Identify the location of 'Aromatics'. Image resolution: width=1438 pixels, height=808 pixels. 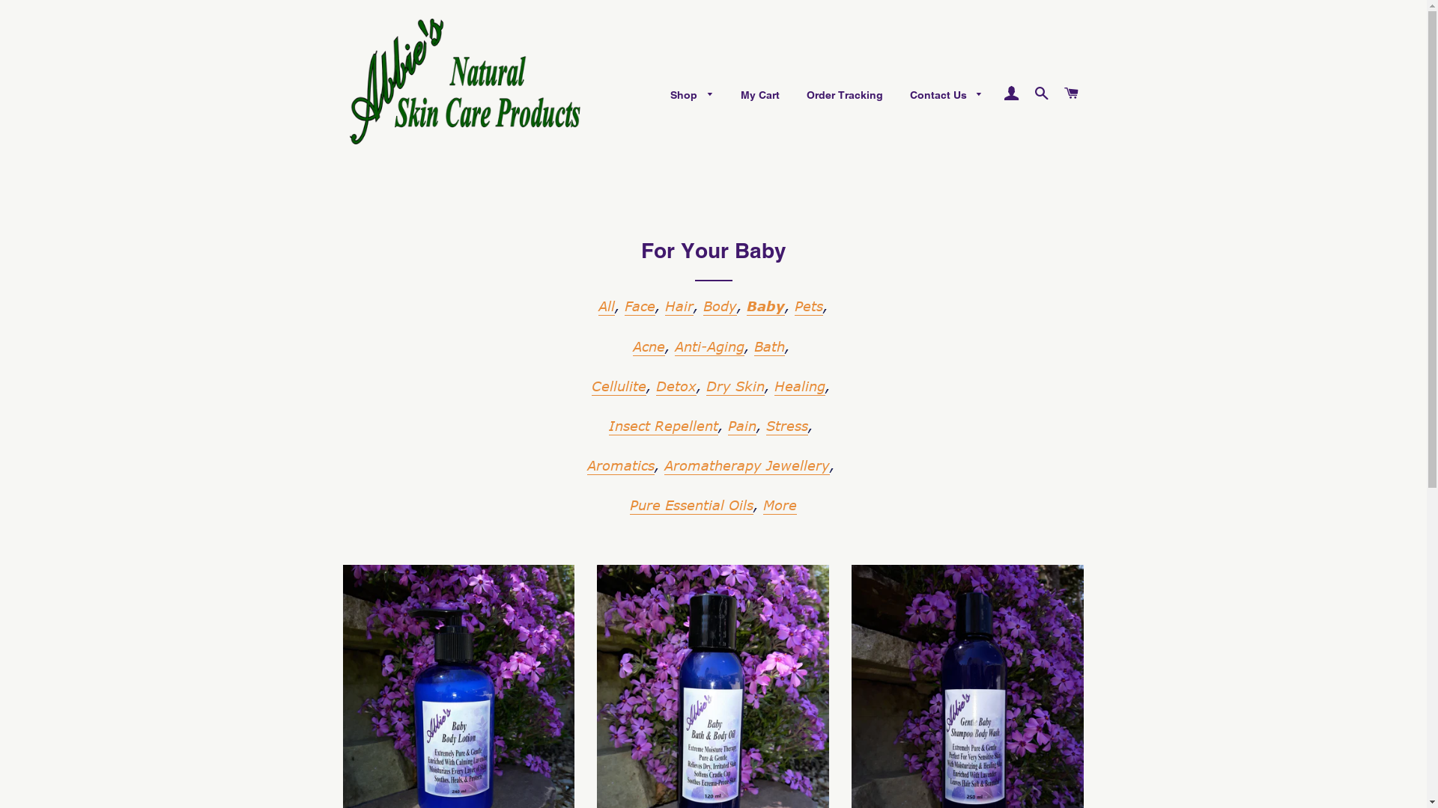
(621, 465).